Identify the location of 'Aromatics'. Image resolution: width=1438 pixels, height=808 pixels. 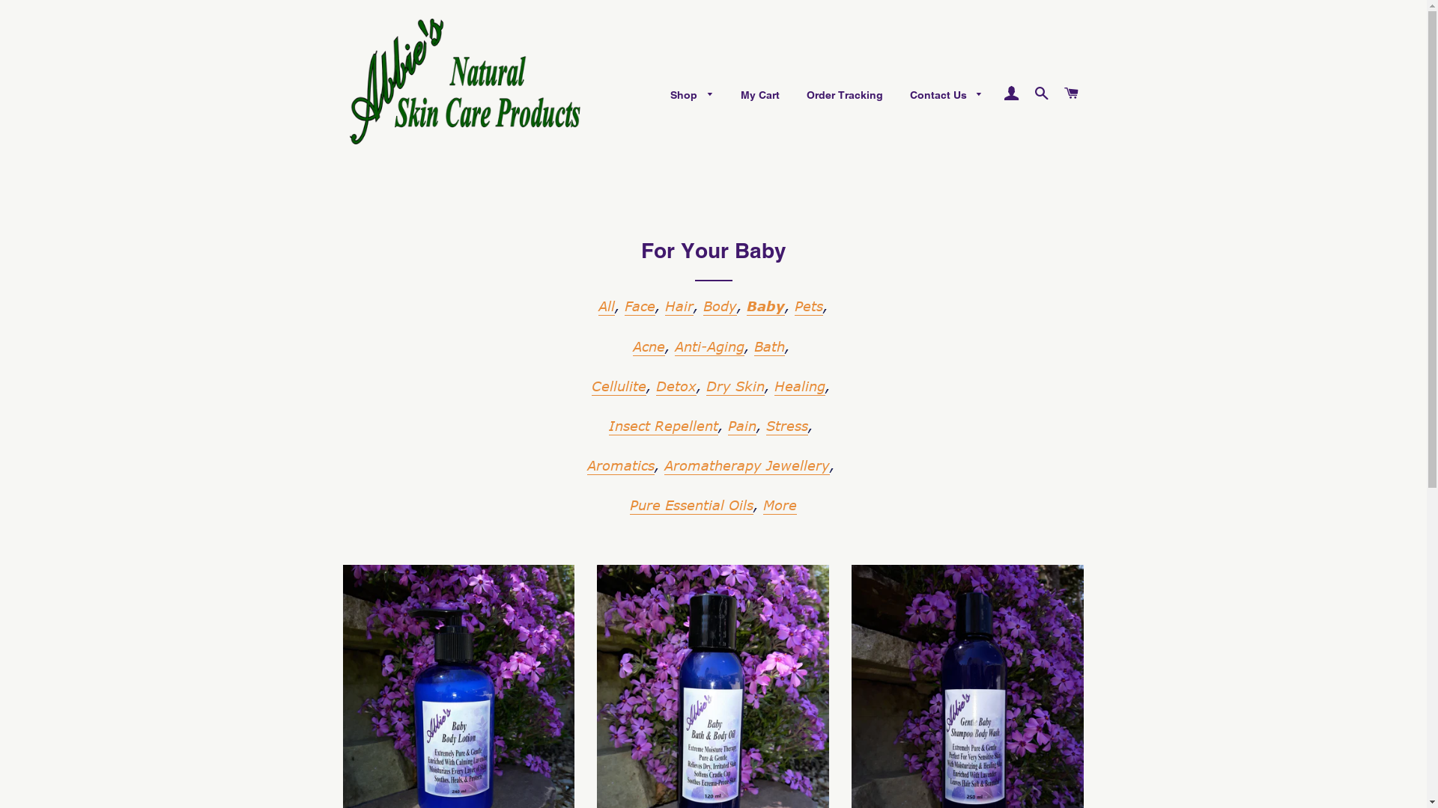
(621, 465).